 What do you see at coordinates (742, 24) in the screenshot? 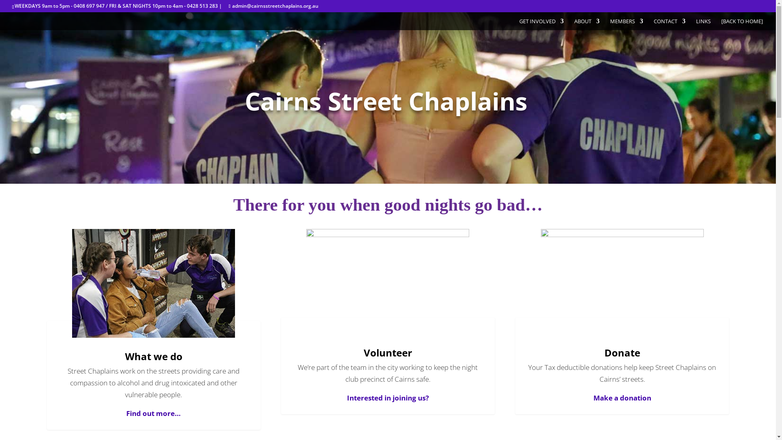
I see `'[BACK TO HOME]'` at bounding box center [742, 24].